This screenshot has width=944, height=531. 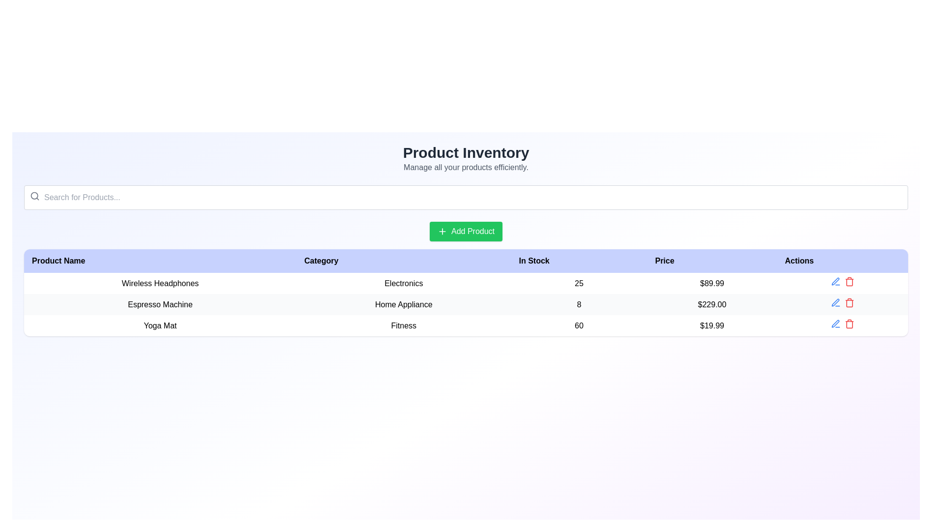 I want to click on the trash icon located in the right-most column under 'Actions' in the third row of the data table, so click(x=849, y=324).